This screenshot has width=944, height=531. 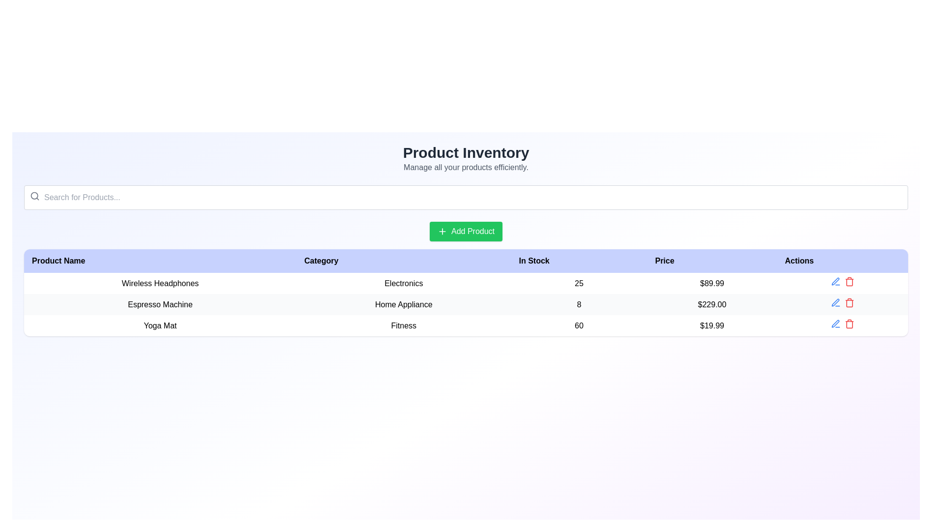 I want to click on the trash icon located in the right-most column under 'Actions' in the third row of the data table, so click(x=849, y=324).